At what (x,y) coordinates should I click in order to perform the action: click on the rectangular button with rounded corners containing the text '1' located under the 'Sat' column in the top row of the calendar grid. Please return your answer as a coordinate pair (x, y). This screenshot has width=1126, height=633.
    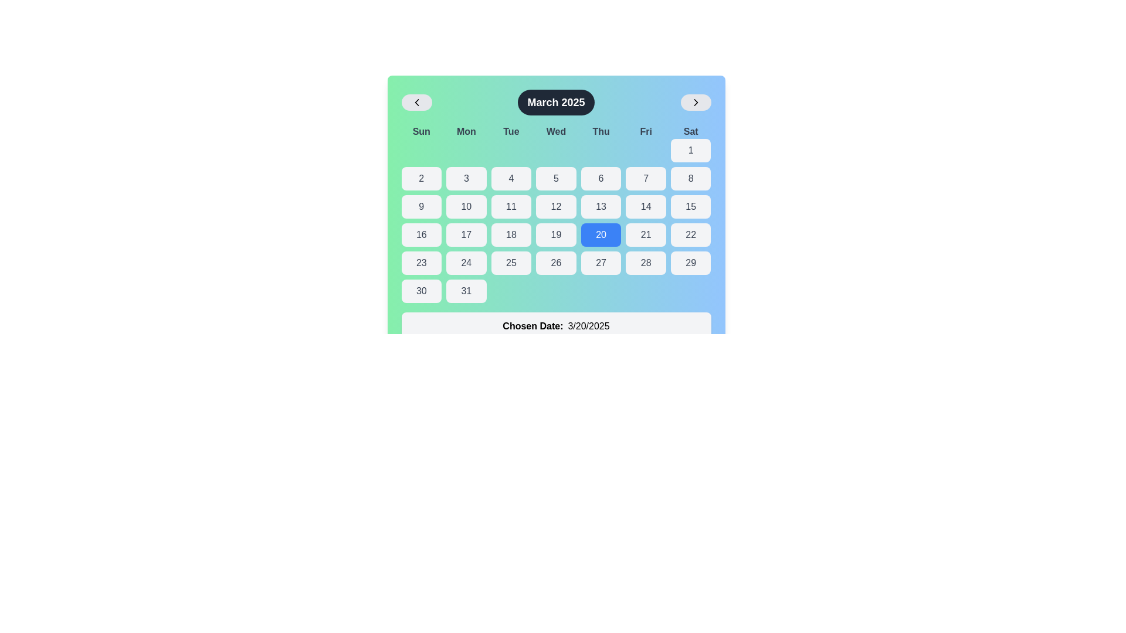
    Looking at the image, I should click on (691, 150).